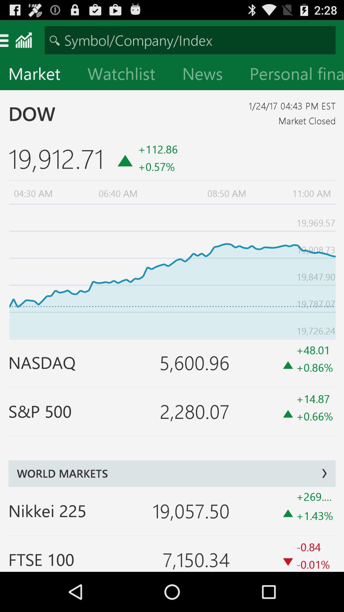 The image size is (344, 612). I want to click on item to the left of the 1 24 17 item, so click(77, 114).